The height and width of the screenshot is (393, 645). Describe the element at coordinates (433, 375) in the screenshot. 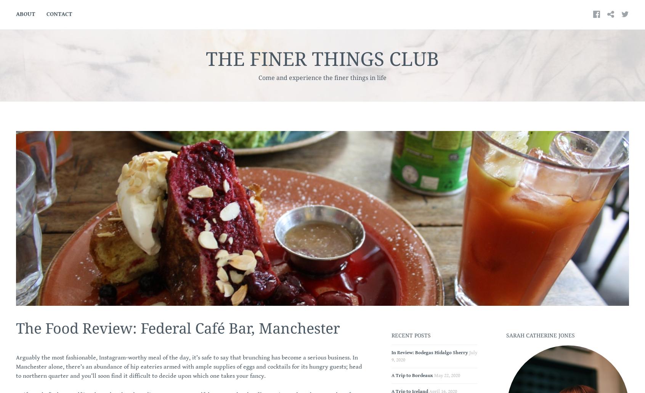

I see `'May 22, 2020'` at that location.